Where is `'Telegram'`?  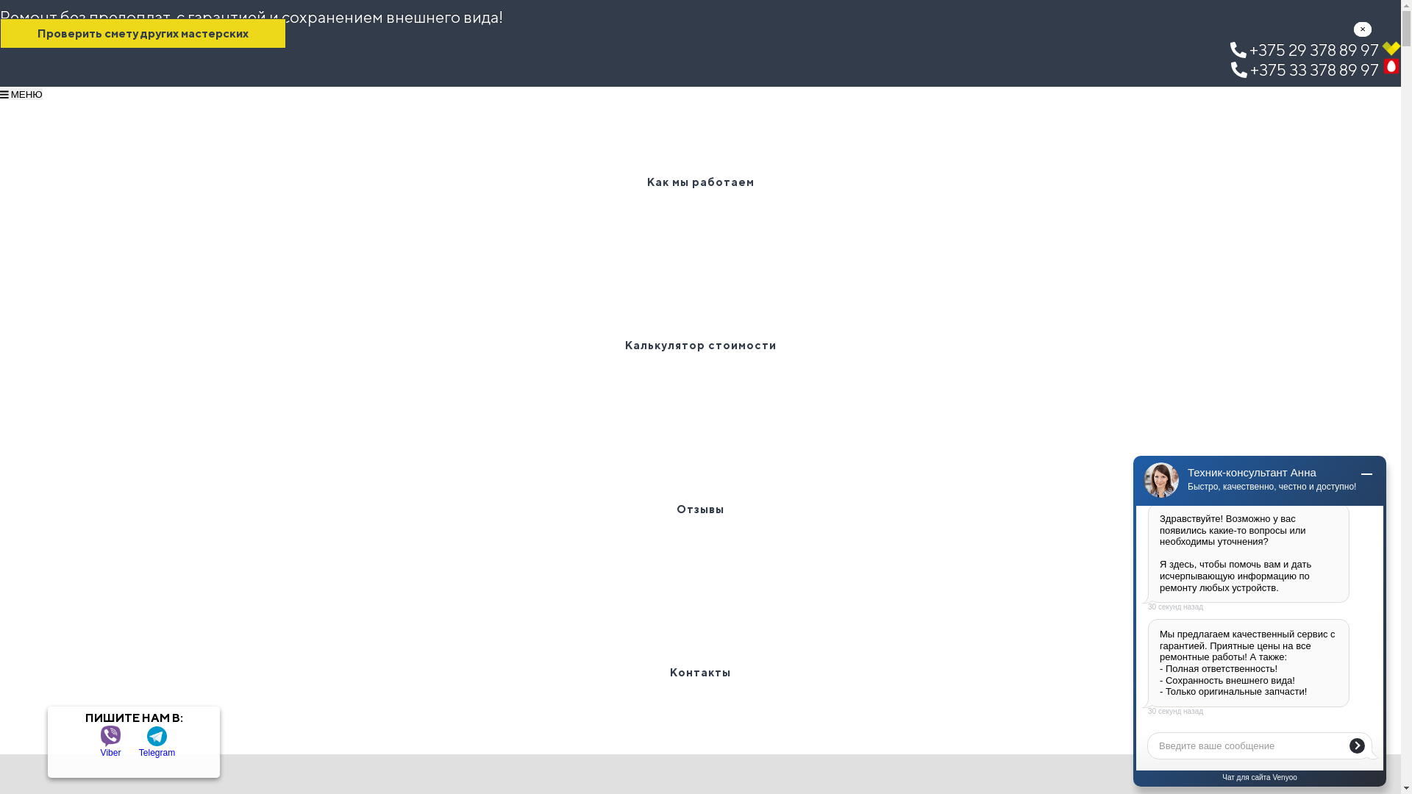
'Telegram' is located at coordinates (157, 736).